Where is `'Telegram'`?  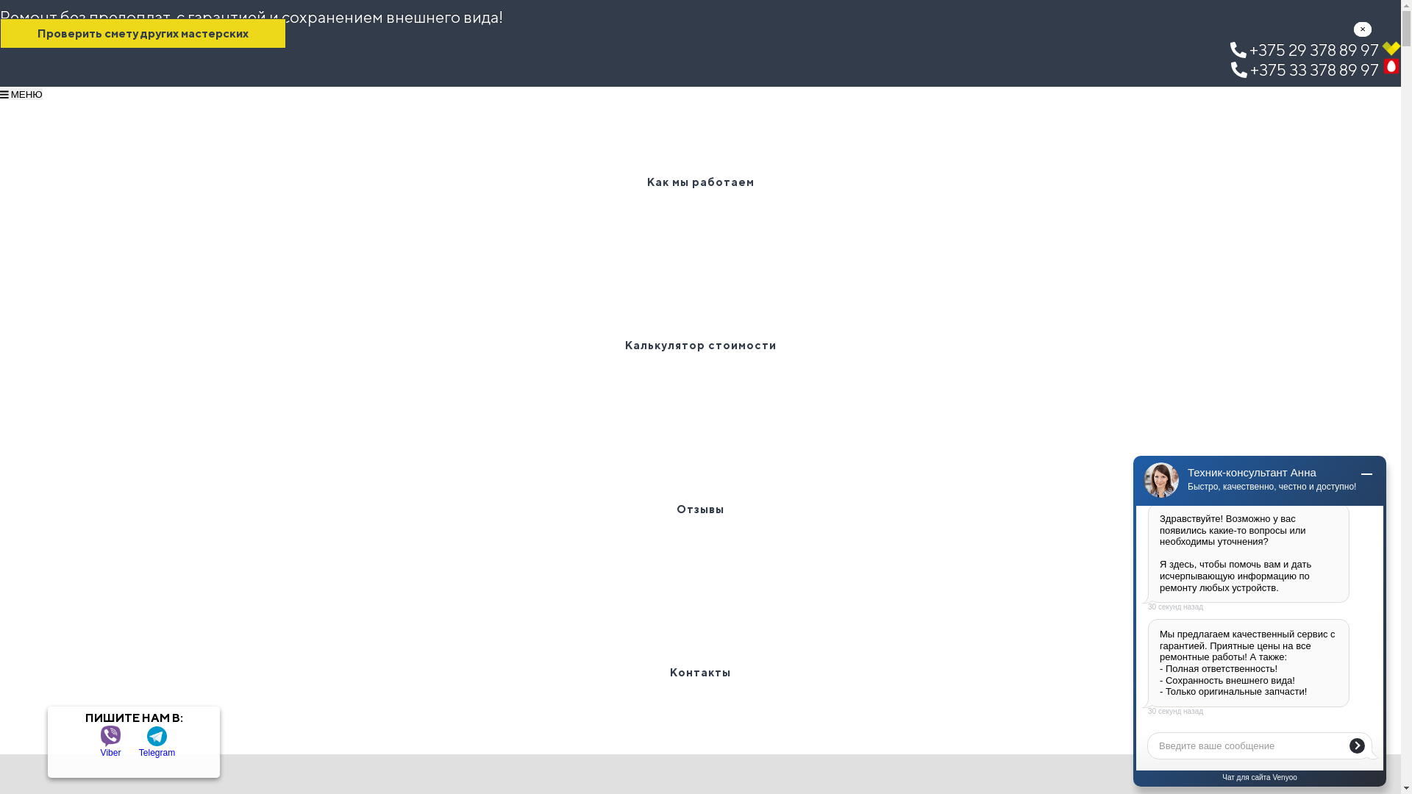
'Telegram' is located at coordinates (157, 736).